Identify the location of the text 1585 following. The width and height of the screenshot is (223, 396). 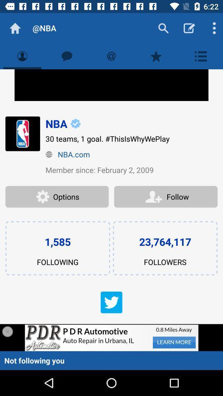
(57, 248).